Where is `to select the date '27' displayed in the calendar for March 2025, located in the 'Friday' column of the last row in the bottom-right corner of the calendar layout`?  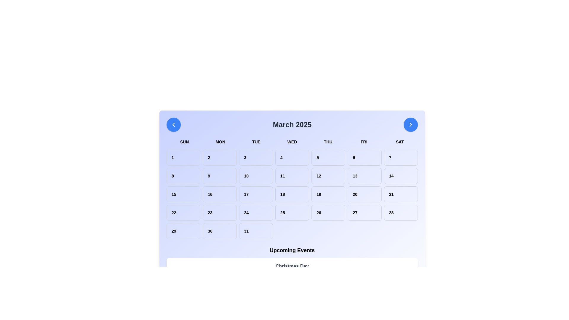 to select the date '27' displayed in the calendar for March 2025, located in the 'Friday' column of the last row in the bottom-right corner of the calendar layout is located at coordinates (364, 212).